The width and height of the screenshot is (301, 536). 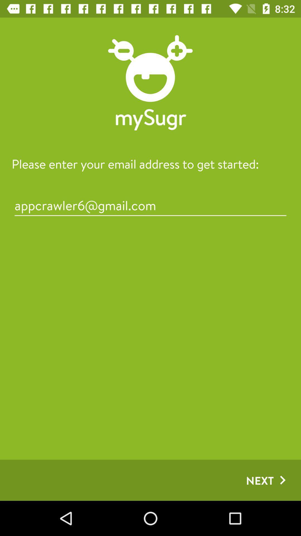 What do you see at coordinates (151, 205) in the screenshot?
I see `appcrawler6@gmail.com` at bounding box center [151, 205].